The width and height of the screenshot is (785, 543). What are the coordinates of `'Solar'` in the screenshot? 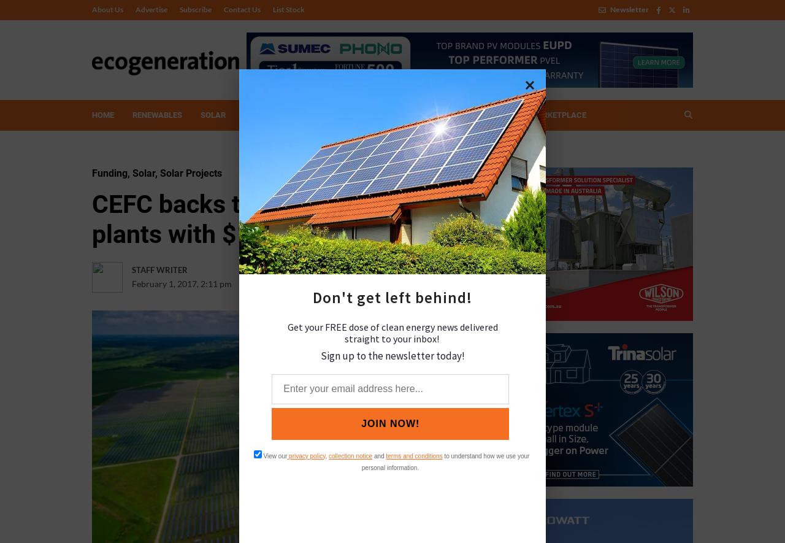 It's located at (132, 172).